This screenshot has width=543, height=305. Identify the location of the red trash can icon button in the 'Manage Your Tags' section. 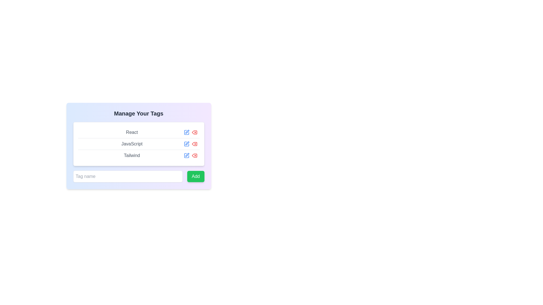
(194, 156).